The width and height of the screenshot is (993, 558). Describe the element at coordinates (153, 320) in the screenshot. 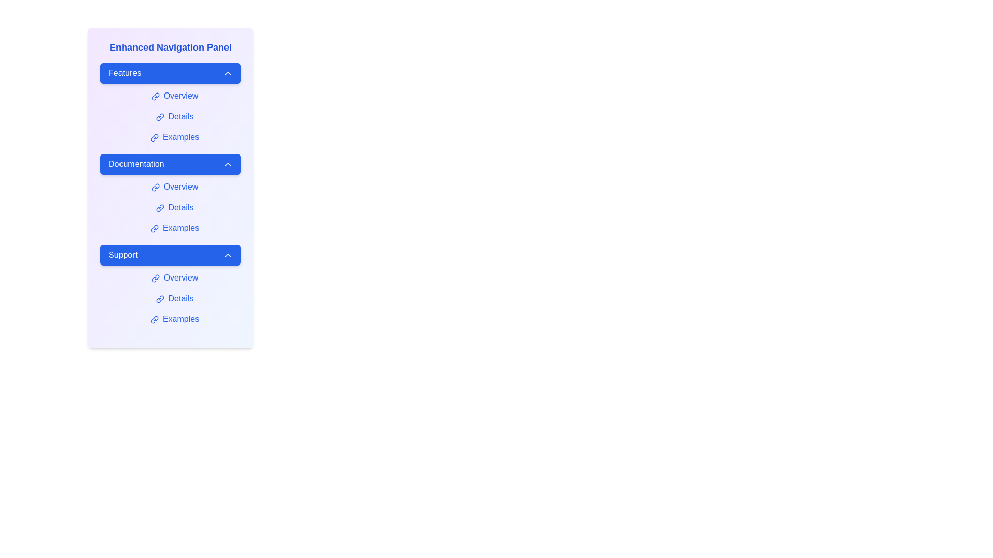

I see `the decorative vector graphic depicting a link icon located in the 'Support' section next to the 'Examples' label in the navigation sidebar` at that location.